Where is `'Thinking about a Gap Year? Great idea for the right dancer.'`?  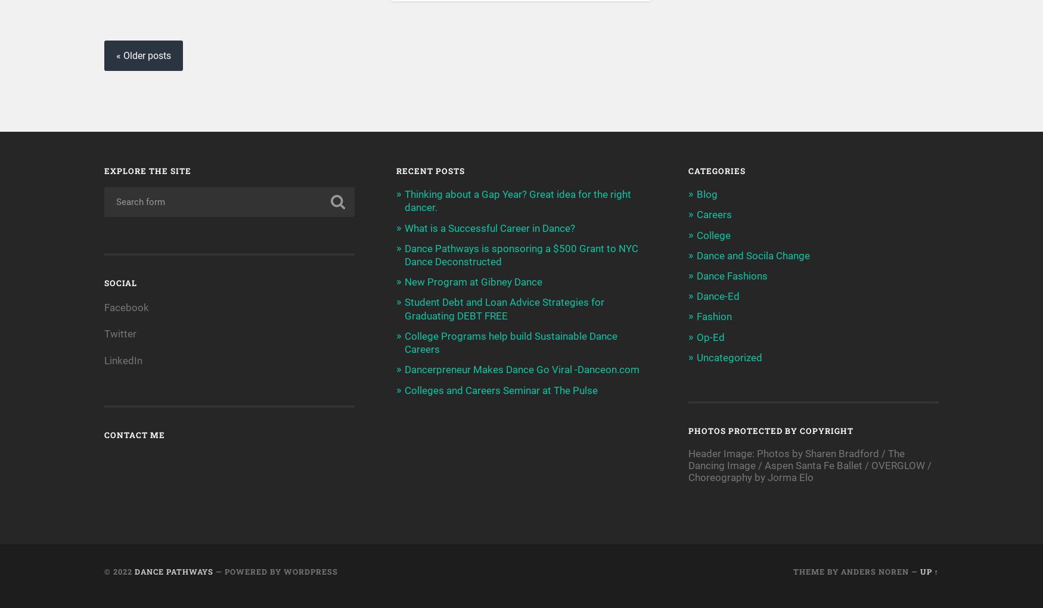 'Thinking about a Gap Year? Great idea for the right dancer.' is located at coordinates (518, 201).